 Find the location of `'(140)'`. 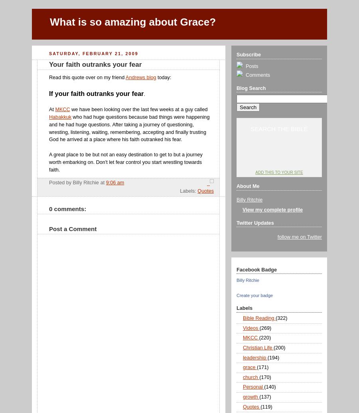

'(140)' is located at coordinates (269, 387).